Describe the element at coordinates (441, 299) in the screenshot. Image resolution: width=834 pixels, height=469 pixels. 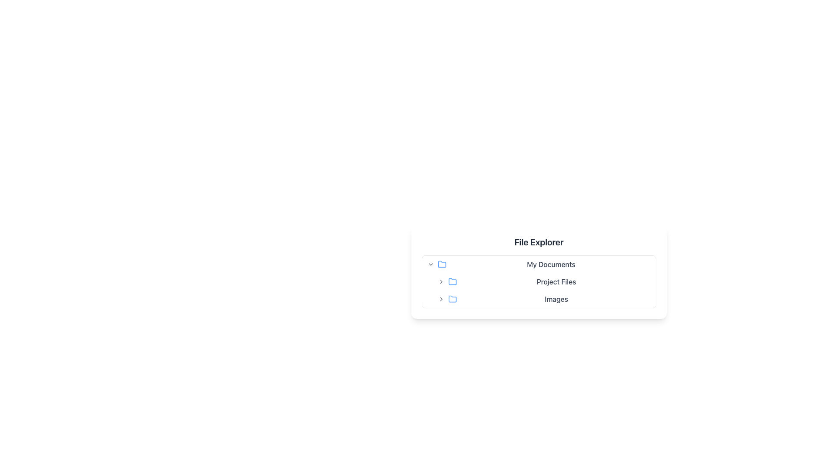
I see `the small right-pointing chevron icon located to the left of the 'Images' label` at that location.